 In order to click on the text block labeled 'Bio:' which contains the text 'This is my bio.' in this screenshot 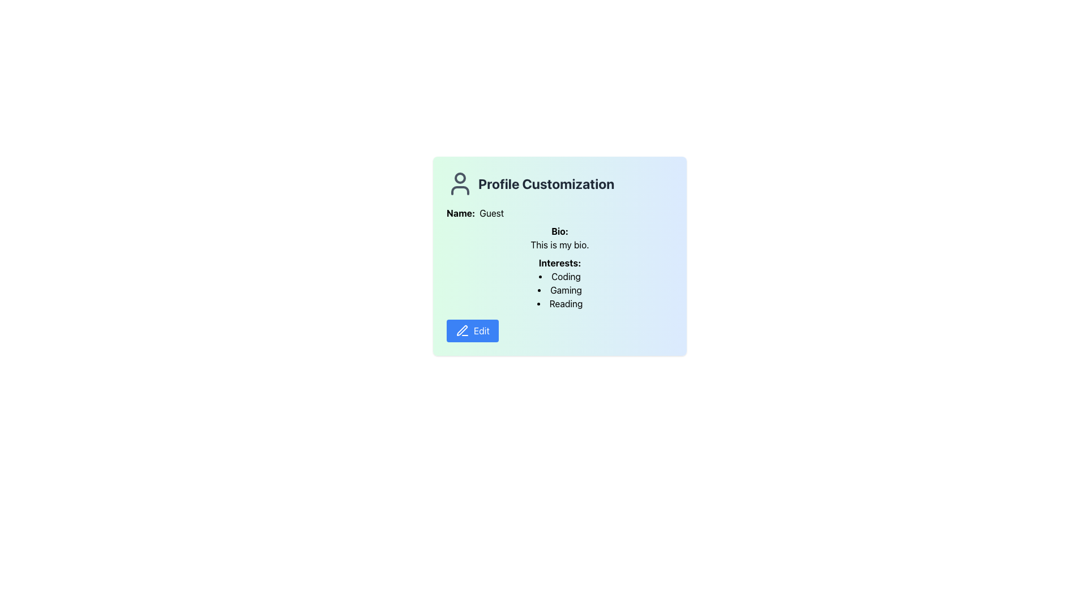, I will do `click(559, 237)`.